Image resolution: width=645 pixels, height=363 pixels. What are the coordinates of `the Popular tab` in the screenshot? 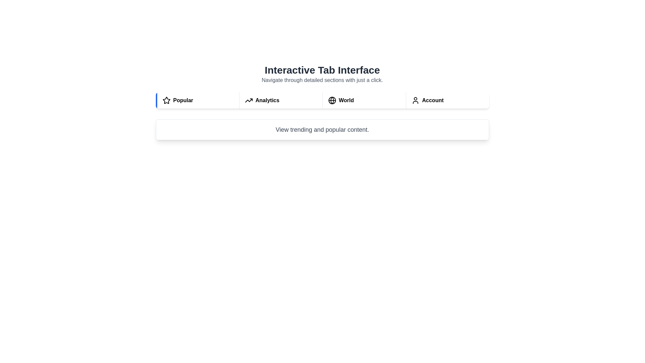 It's located at (197, 100).